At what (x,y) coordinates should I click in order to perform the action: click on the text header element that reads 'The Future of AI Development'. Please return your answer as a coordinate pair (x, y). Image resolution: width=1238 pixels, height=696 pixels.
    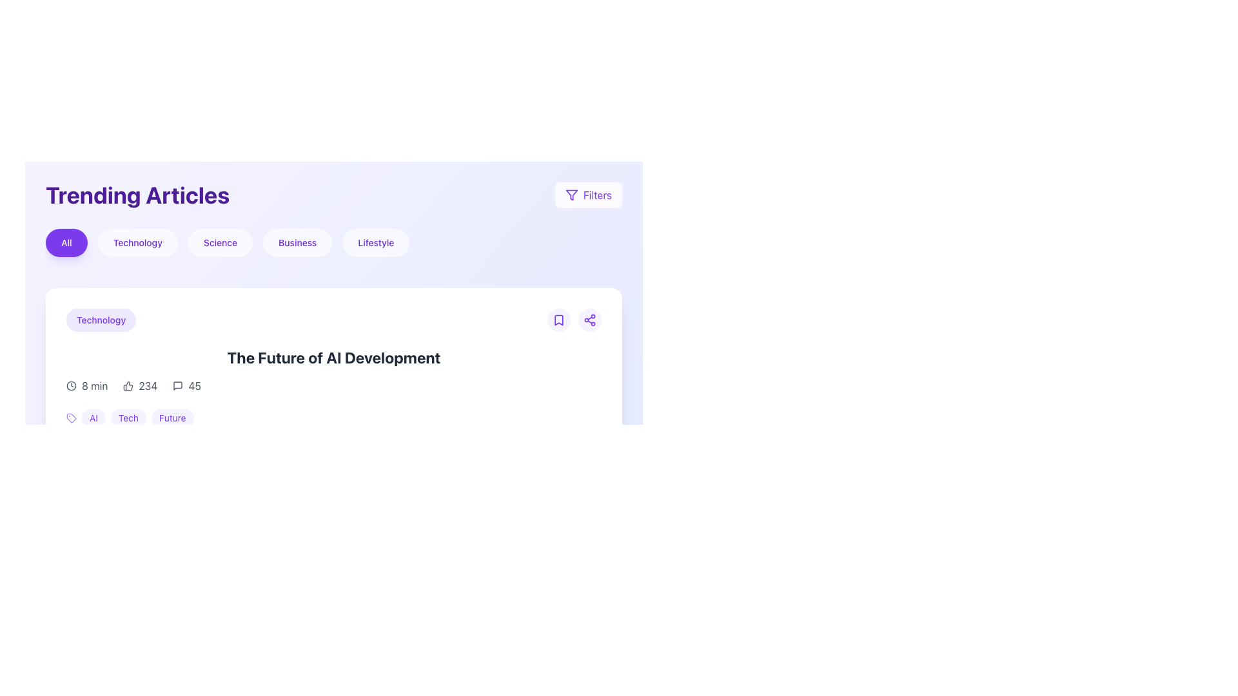
    Looking at the image, I should click on (334, 358).